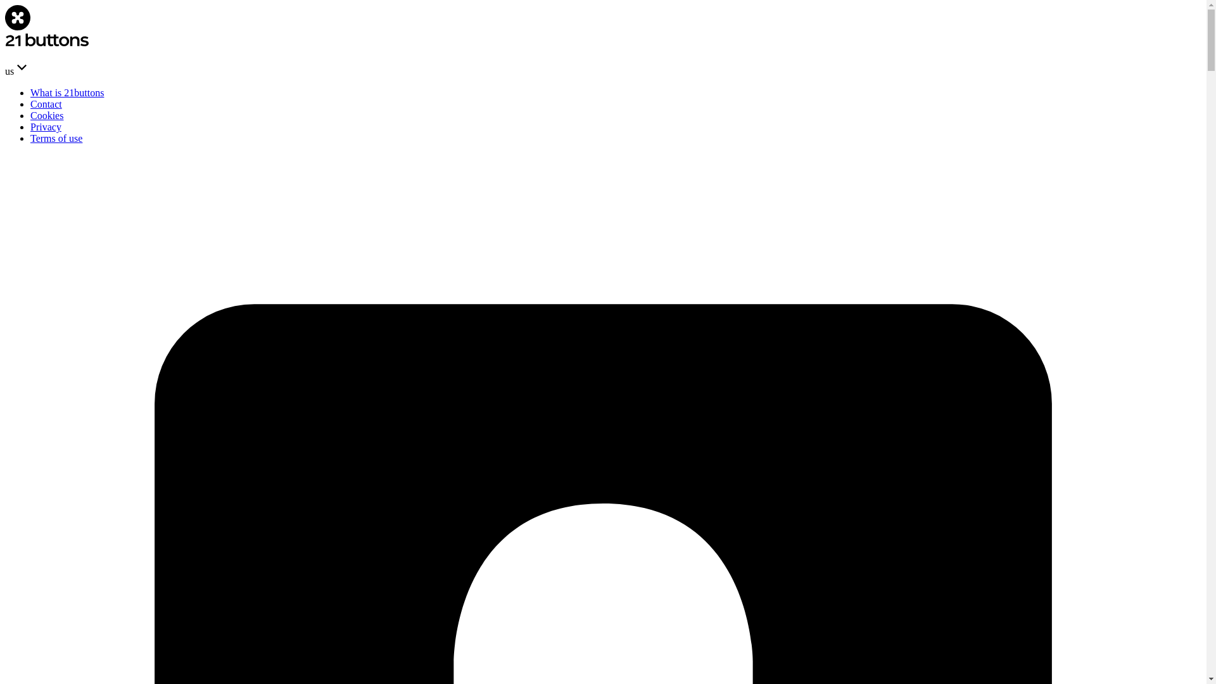 This screenshot has height=684, width=1216. I want to click on 'What is 21buttons', so click(66, 92).